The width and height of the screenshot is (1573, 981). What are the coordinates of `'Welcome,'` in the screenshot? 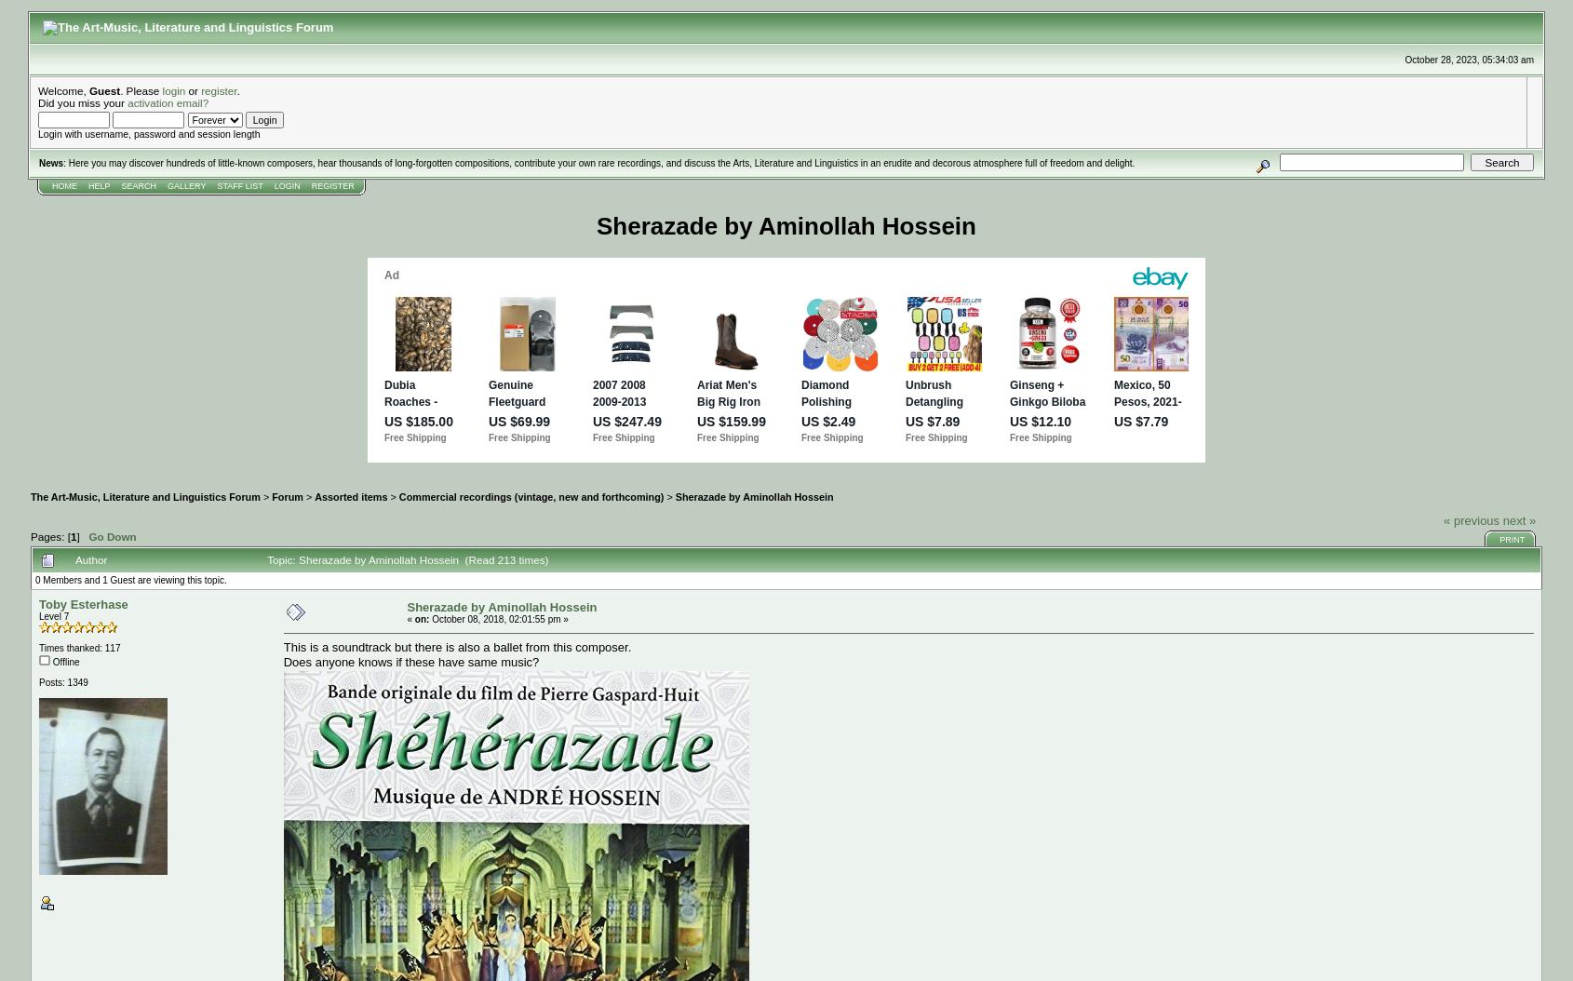 It's located at (62, 89).